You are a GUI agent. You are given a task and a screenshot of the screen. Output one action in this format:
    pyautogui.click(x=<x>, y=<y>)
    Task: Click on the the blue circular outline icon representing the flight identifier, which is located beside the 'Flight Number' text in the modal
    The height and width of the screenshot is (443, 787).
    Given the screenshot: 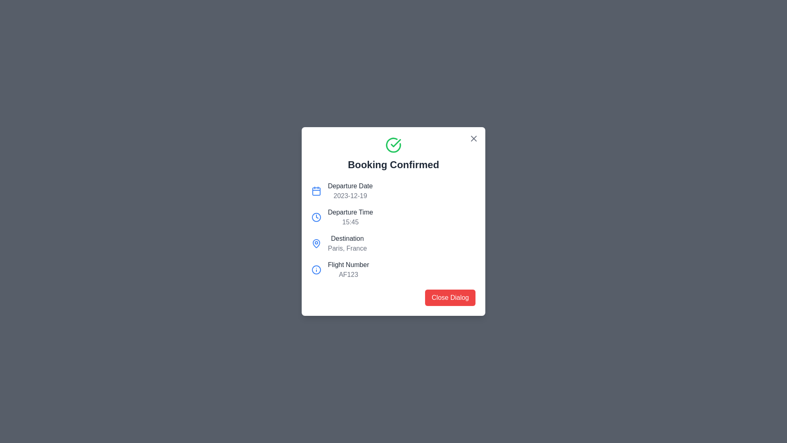 What is the action you would take?
    pyautogui.click(x=316, y=270)
    